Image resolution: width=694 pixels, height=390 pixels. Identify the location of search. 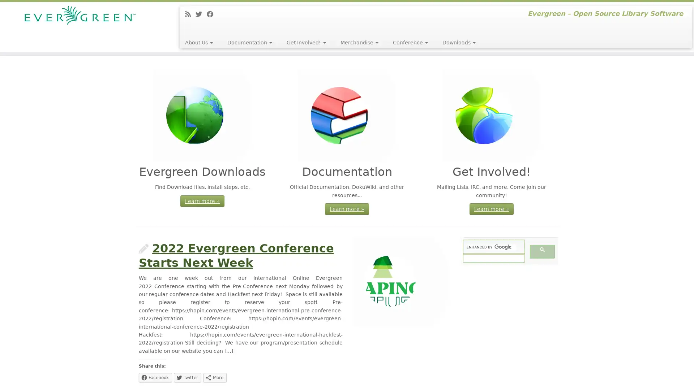
(542, 251).